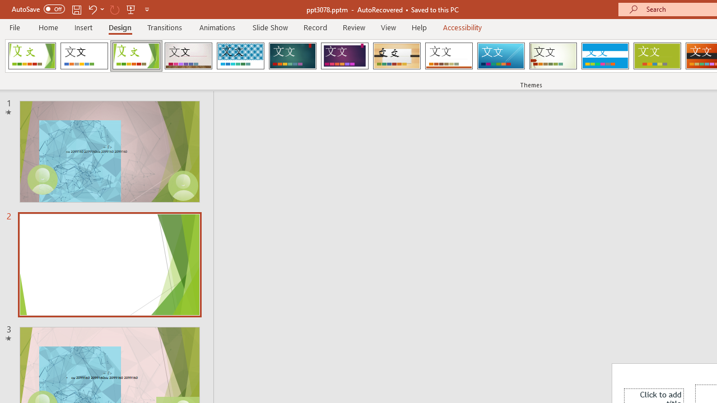 The width and height of the screenshot is (717, 403). What do you see at coordinates (500, 56) in the screenshot?
I see `'Slice'` at bounding box center [500, 56].